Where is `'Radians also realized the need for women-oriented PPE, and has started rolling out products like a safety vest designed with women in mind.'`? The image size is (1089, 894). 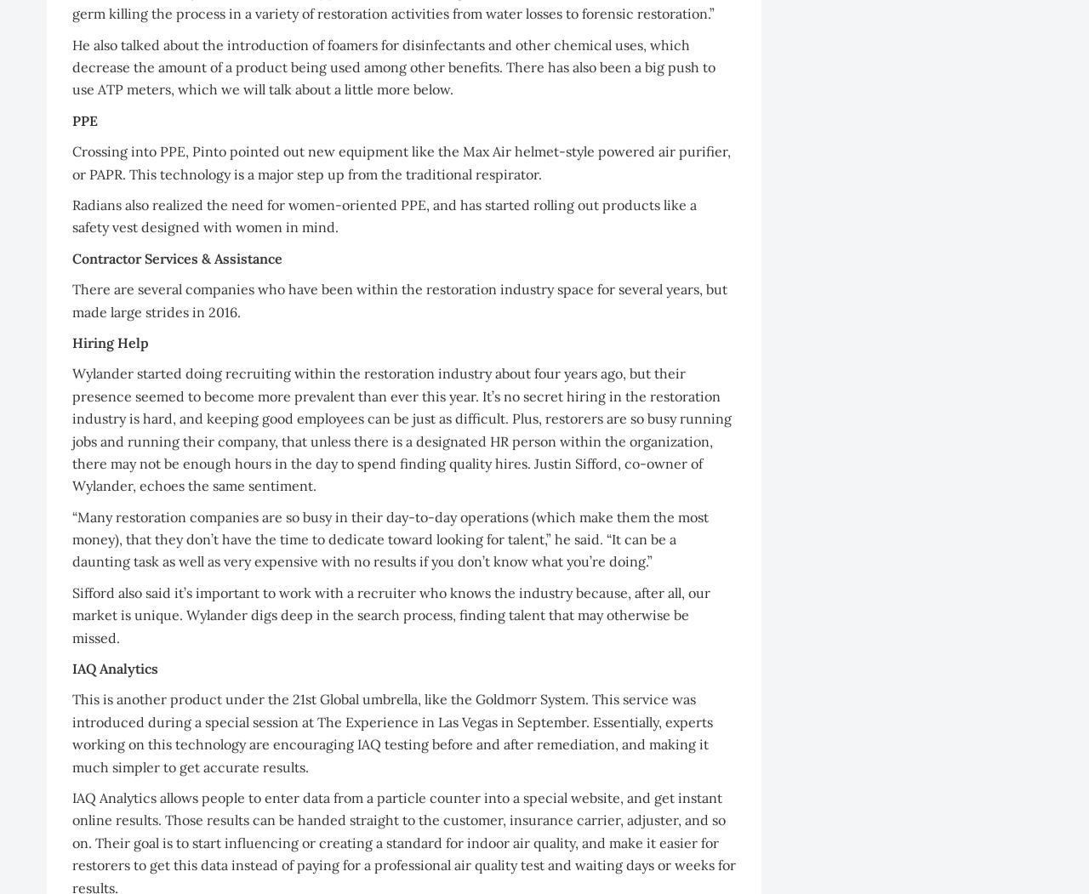
'Radians also realized the need for women-oriented PPE, and has started rolling out products like a safety vest designed with women in mind.' is located at coordinates (383, 215).